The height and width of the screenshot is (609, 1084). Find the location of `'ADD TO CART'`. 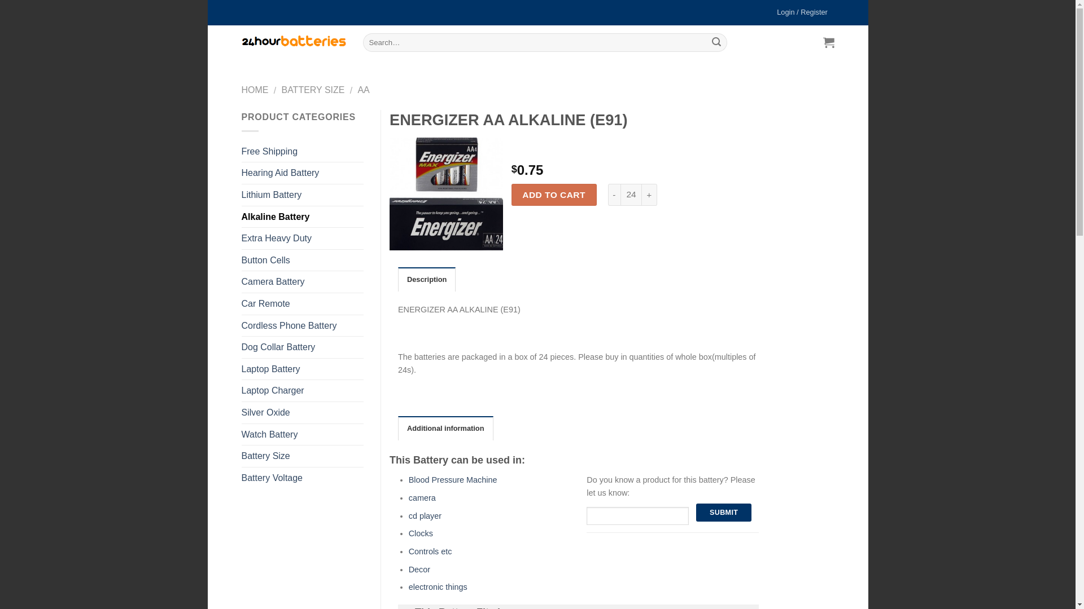

'ADD TO CART' is located at coordinates (554, 194).